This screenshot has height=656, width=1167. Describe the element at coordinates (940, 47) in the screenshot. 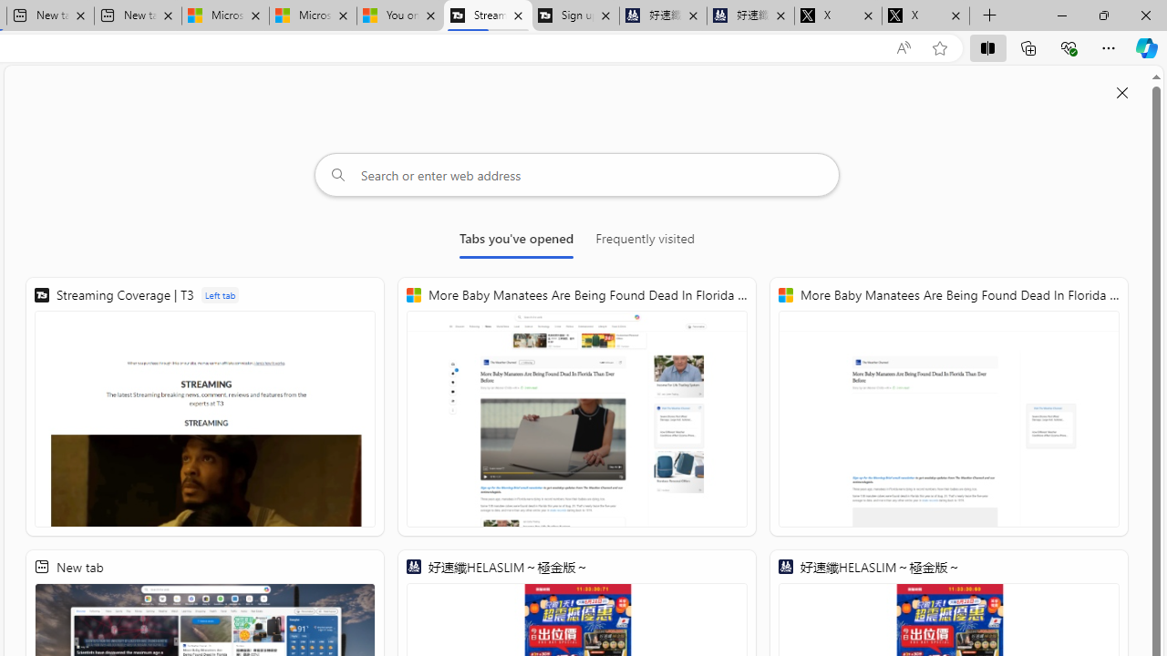

I see `'Add this page to favorites (Ctrl+D)'` at that location.